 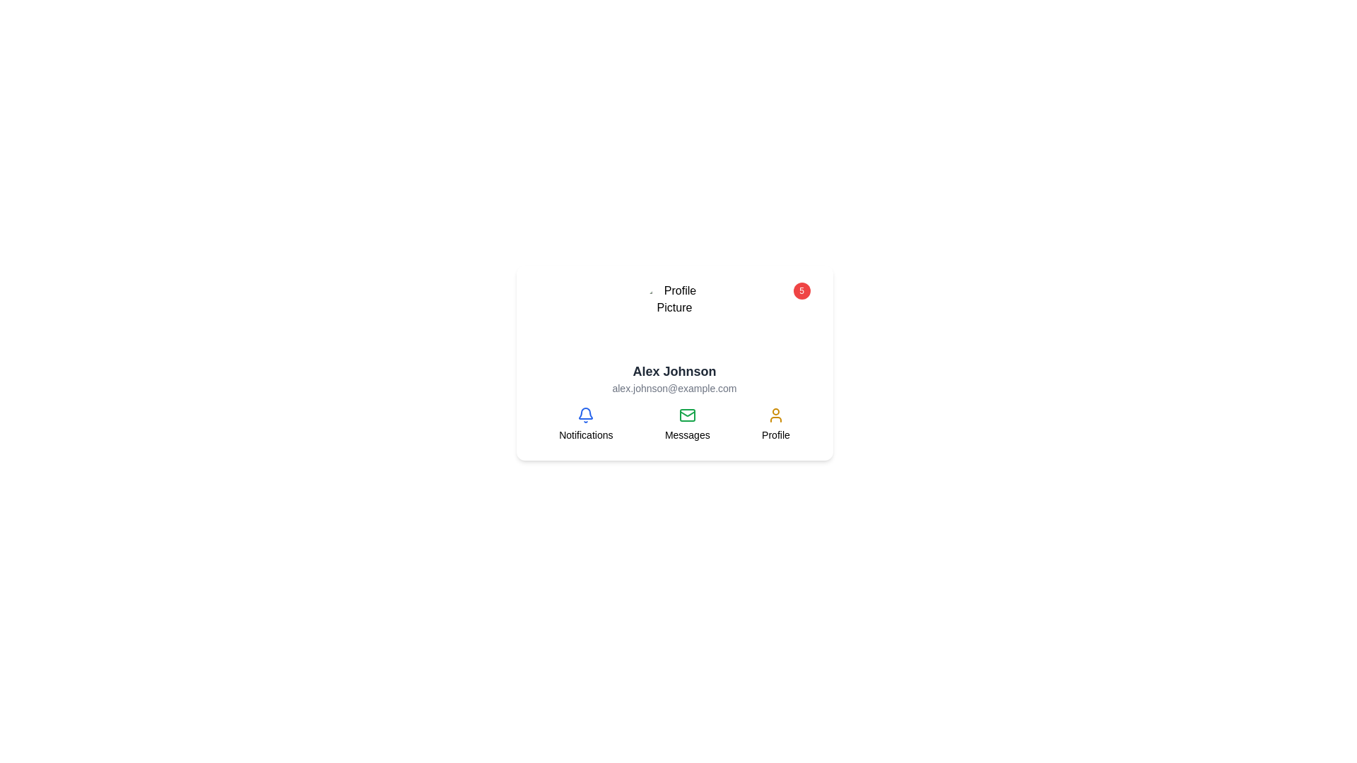 I want to click on the email address text label displayed in a smaller, grayed-out font below the name 'Alex Johnson', so click(x=674, y=389).